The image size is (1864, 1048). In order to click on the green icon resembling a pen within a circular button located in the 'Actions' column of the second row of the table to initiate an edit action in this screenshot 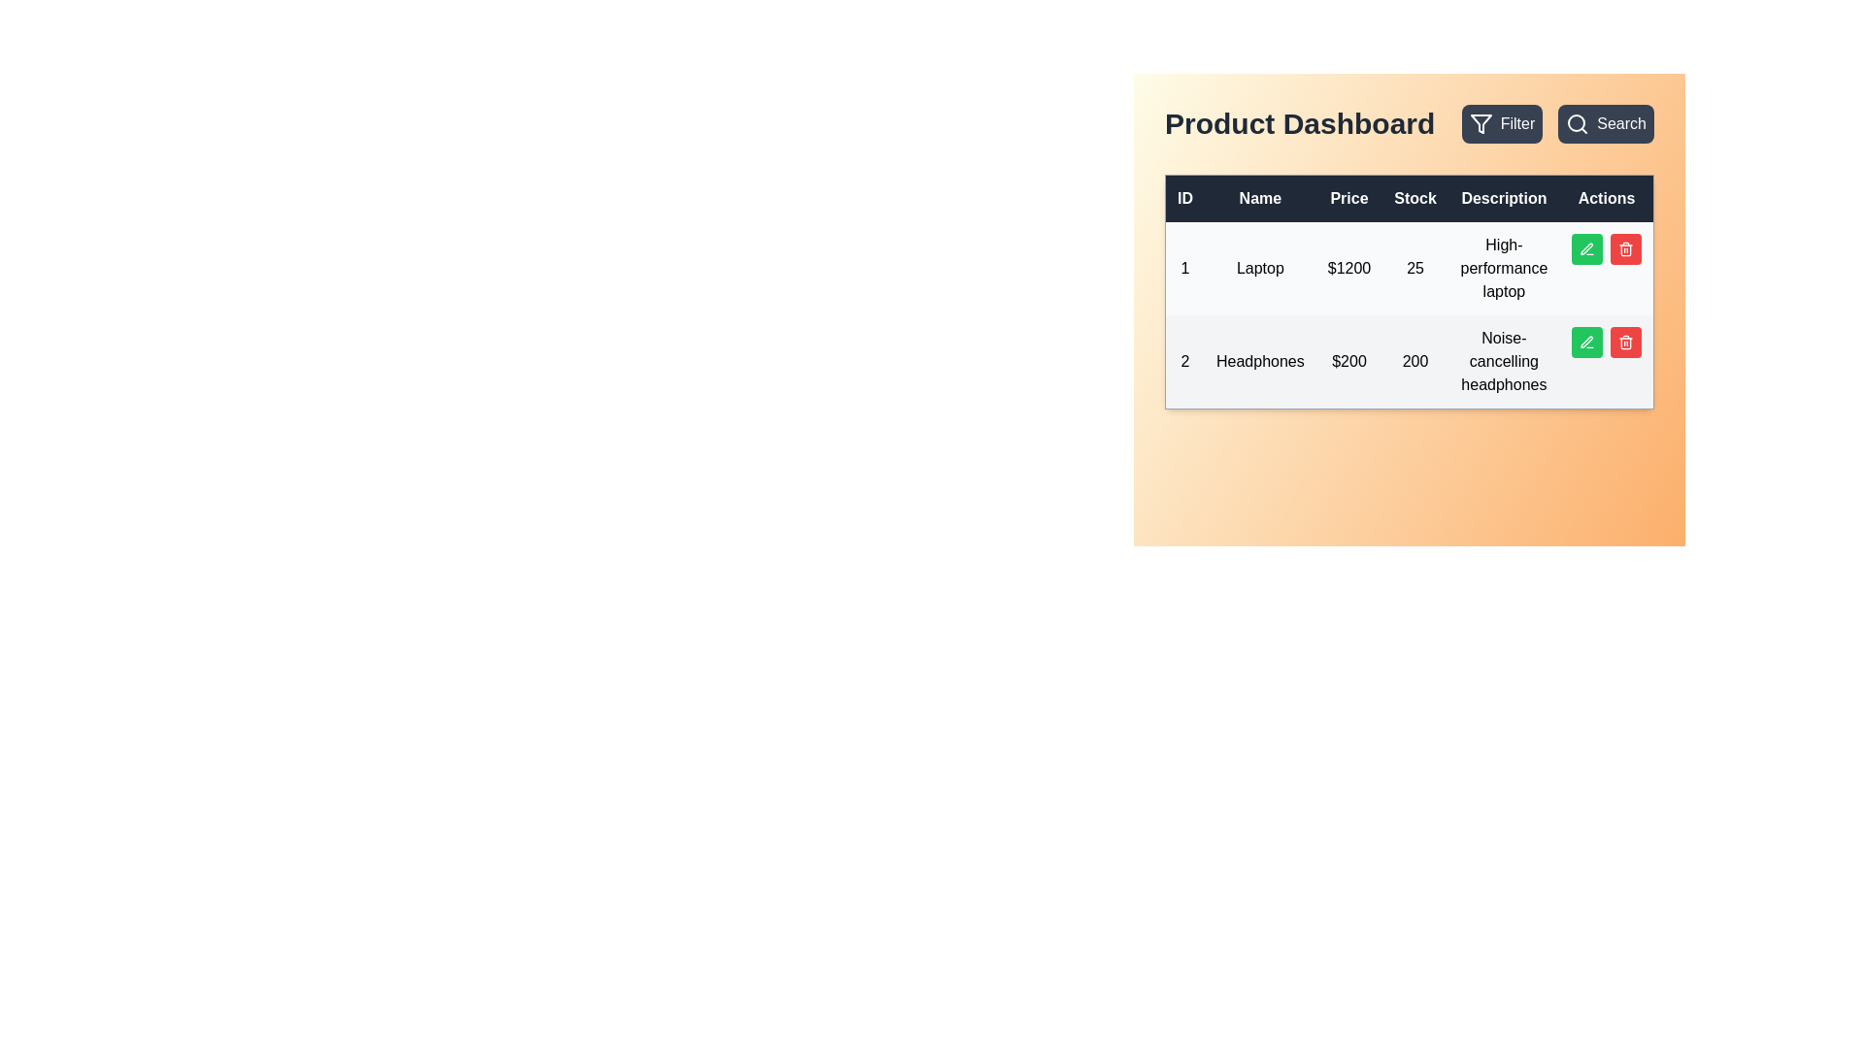, I will do `click(1587, 342)`.